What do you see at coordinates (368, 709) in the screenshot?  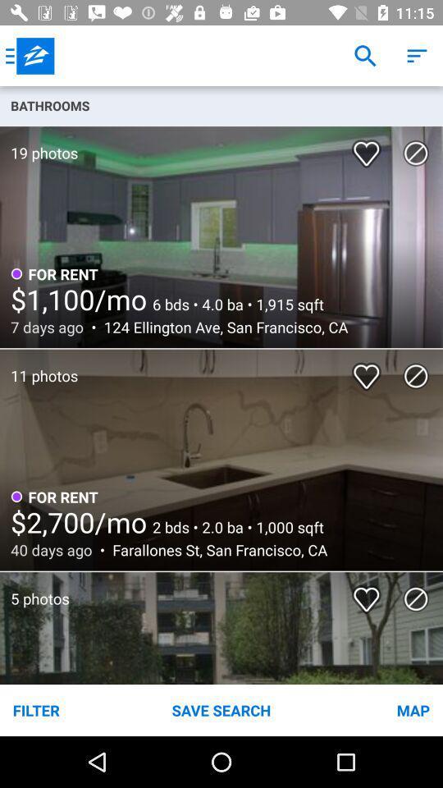 I see `item to the right of the save search` at bounding box center [368, 709].